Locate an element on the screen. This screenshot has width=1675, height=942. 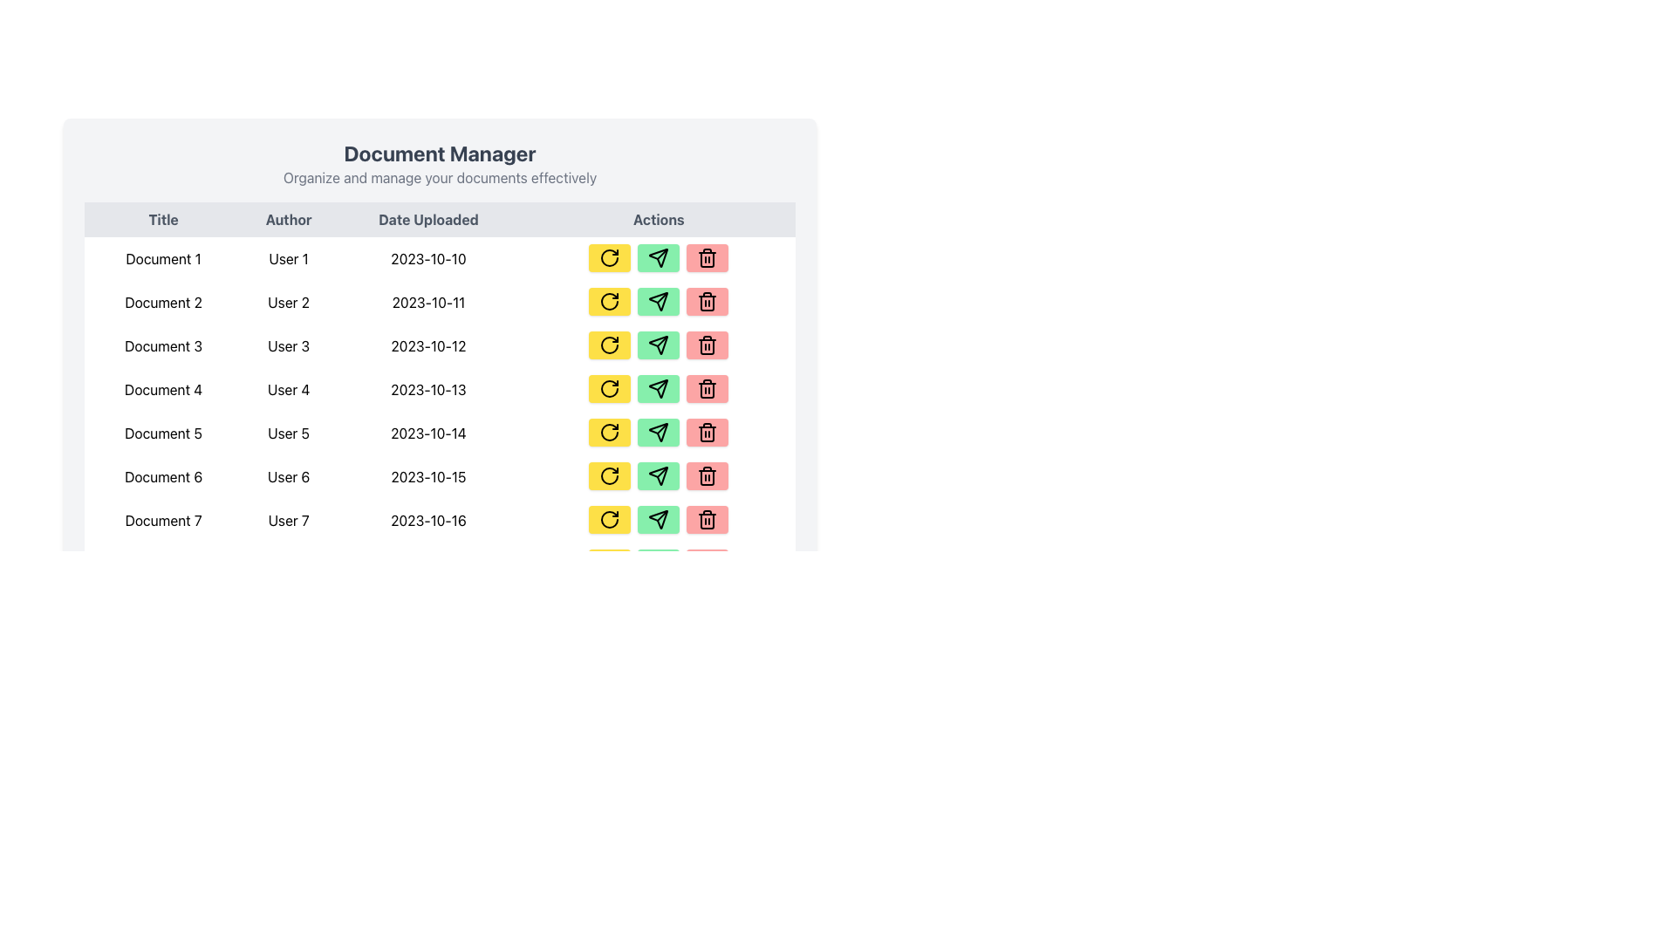
the delete button, which is the third action button in the row, located to the right of the 'Send' and 'Refresh' buttons is located at coordinates (708, 693).